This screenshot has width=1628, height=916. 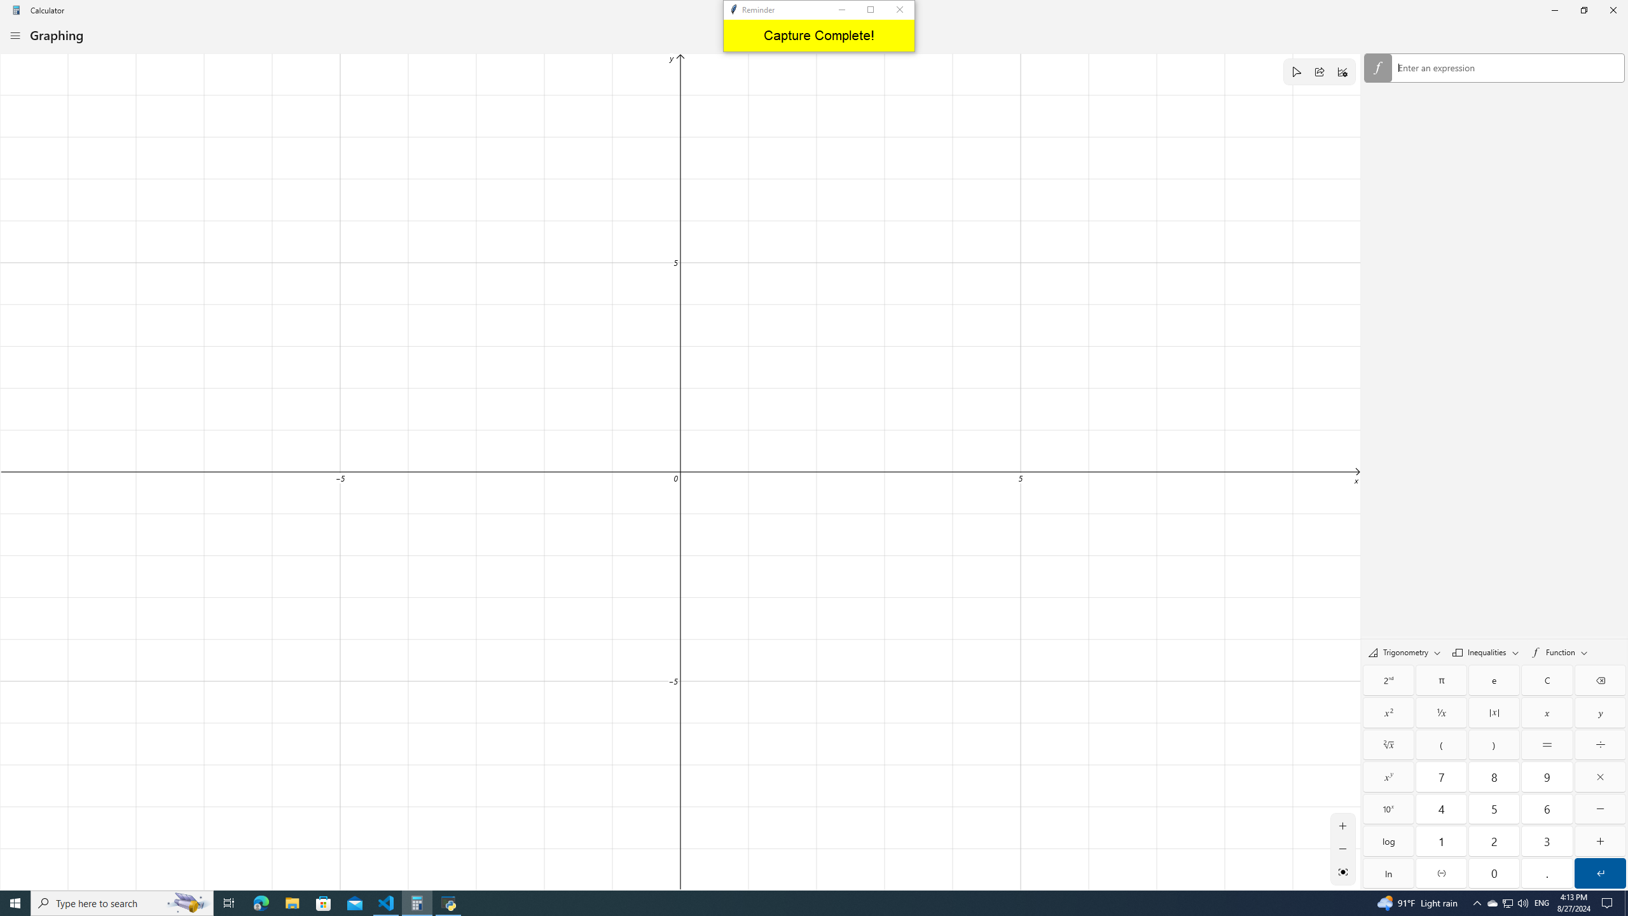 I want to click on 'Minimize Calculator', so click(x=1554, y=10).